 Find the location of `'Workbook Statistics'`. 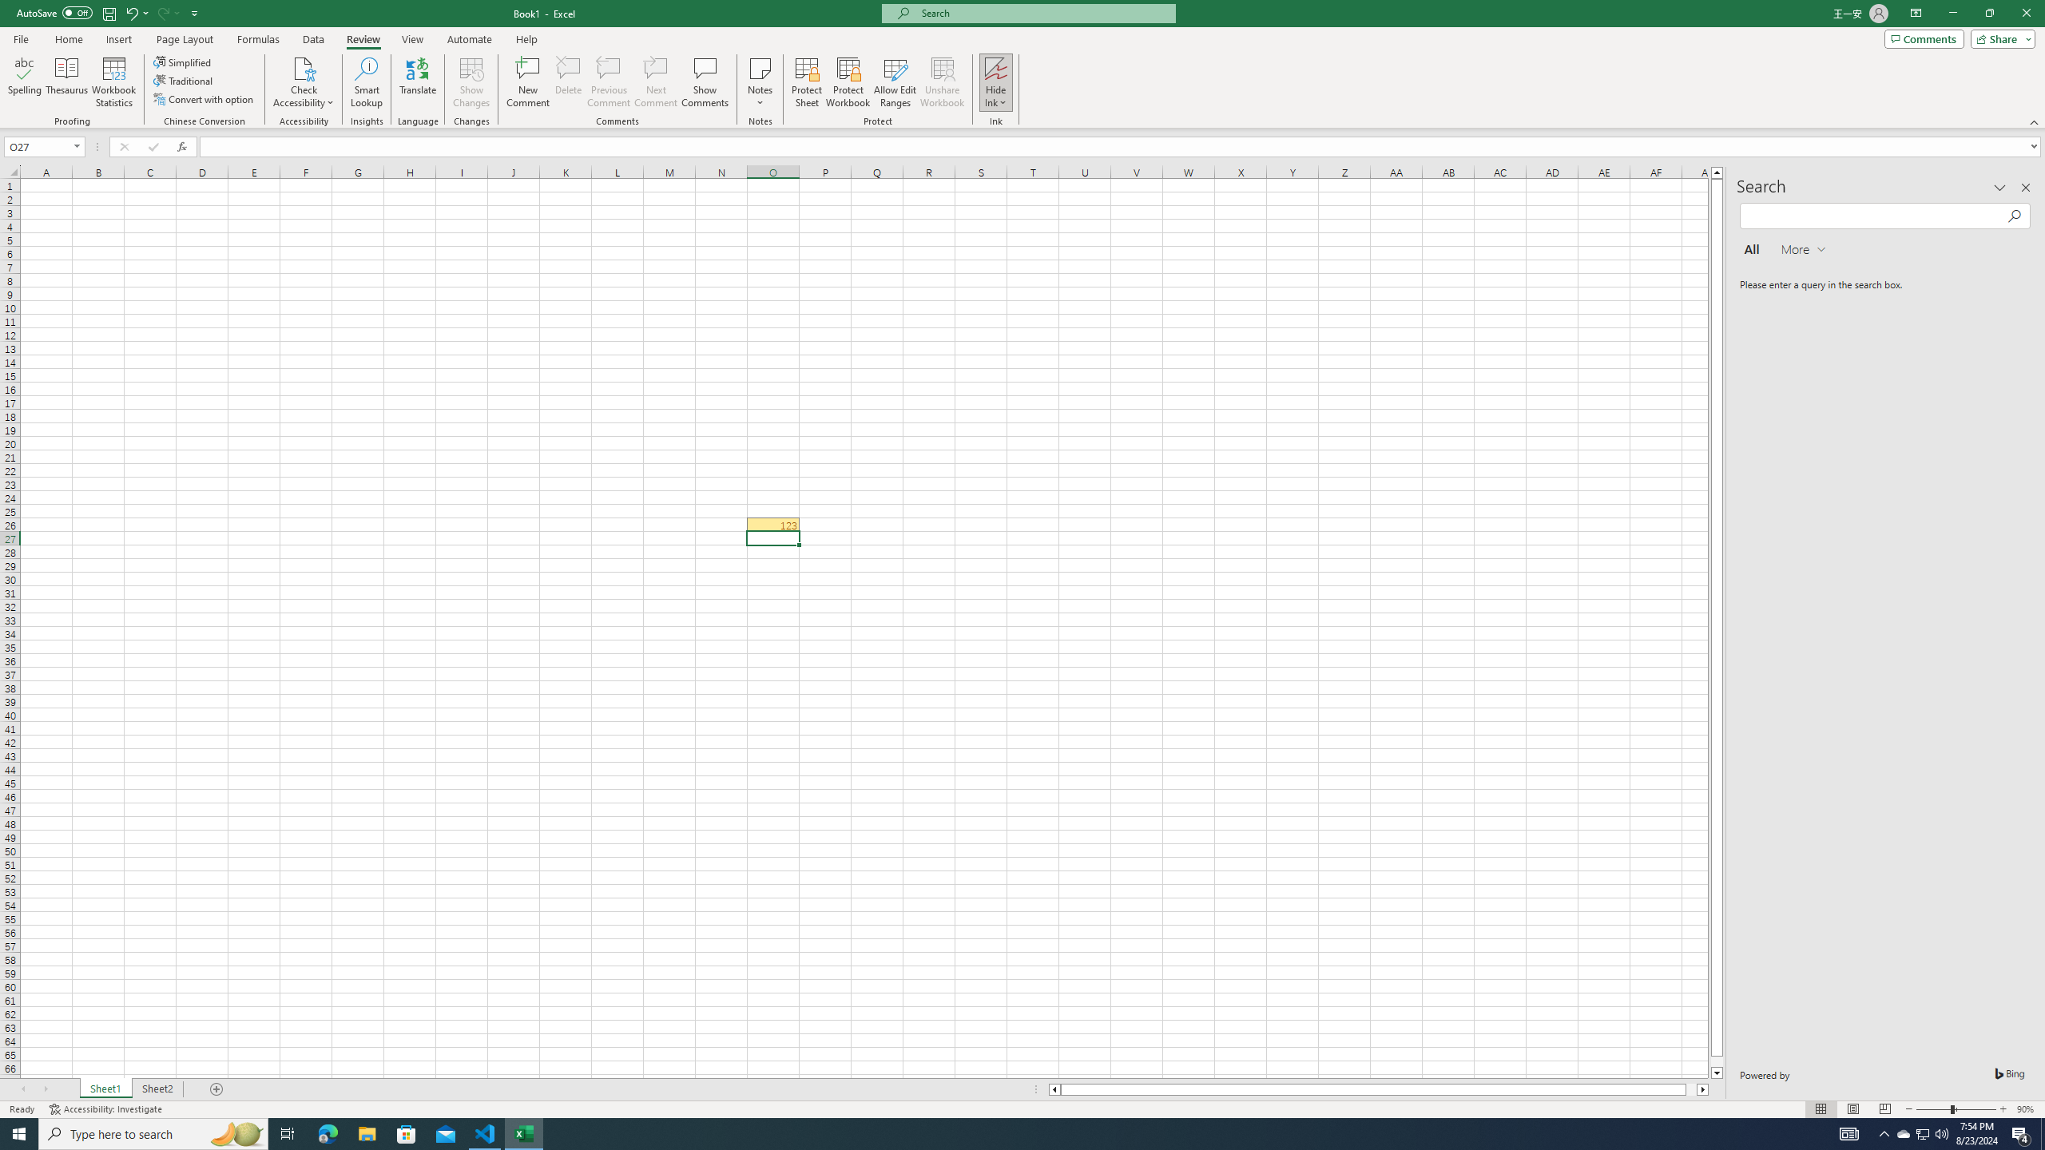

'Workbook Statistics' is located at coordinates (113, 82).